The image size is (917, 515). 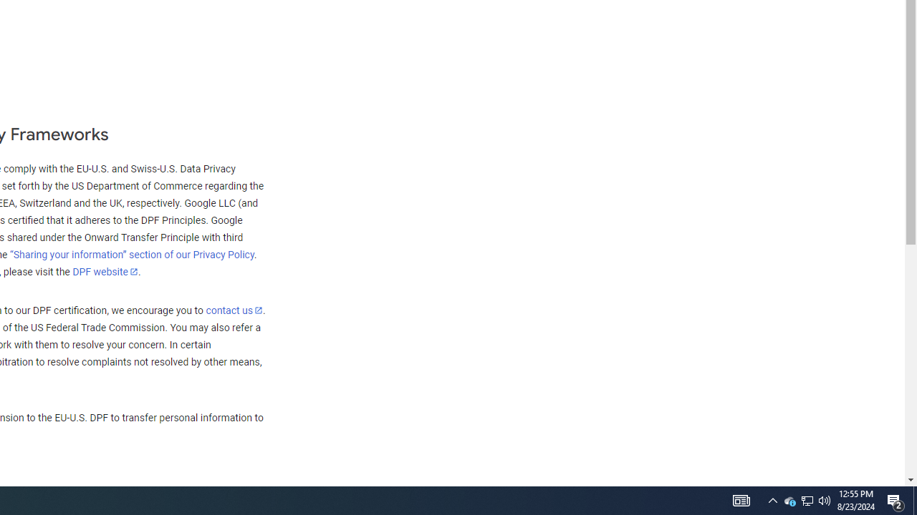 What do you see at coordinates (234, 309) in the screenshot?
I see `'contact us'` at bounding box center [234, 309].